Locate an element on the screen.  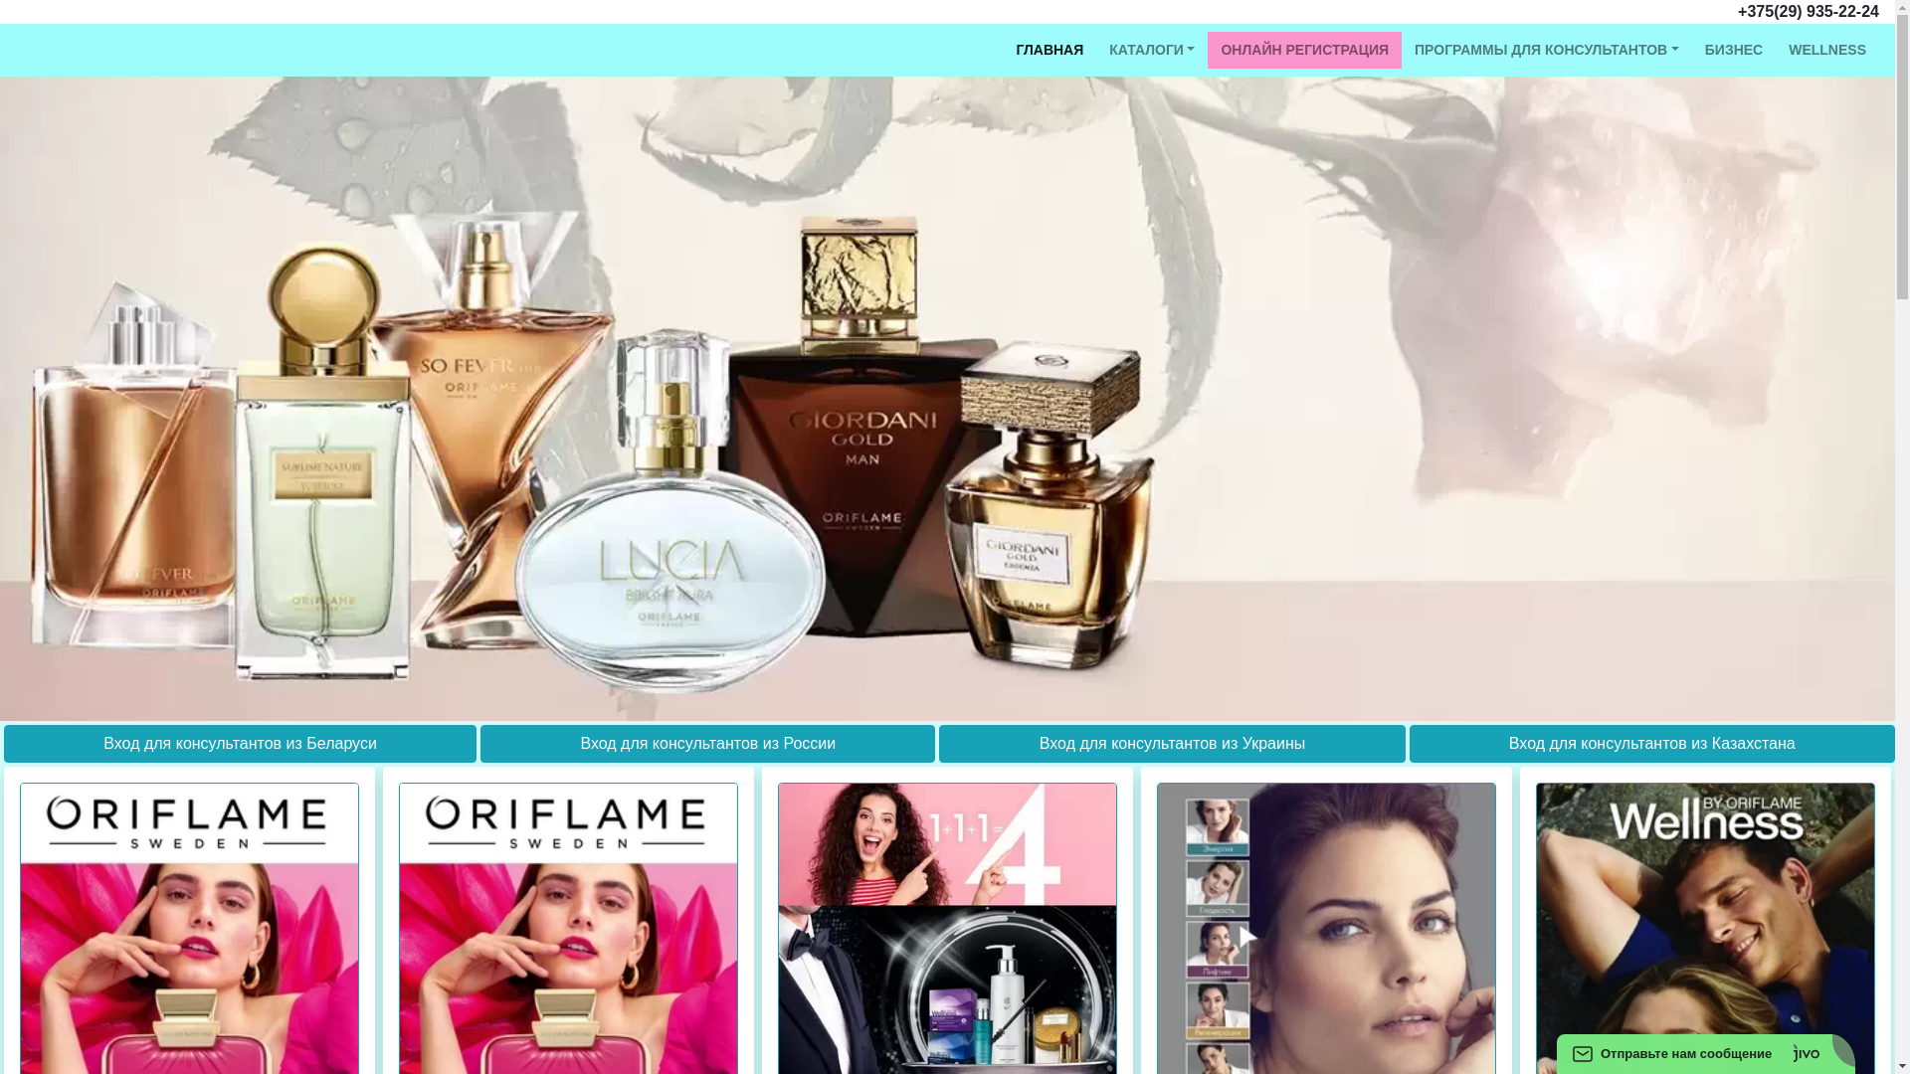
'WELLNESS' is located at coordinates (1827, 49).